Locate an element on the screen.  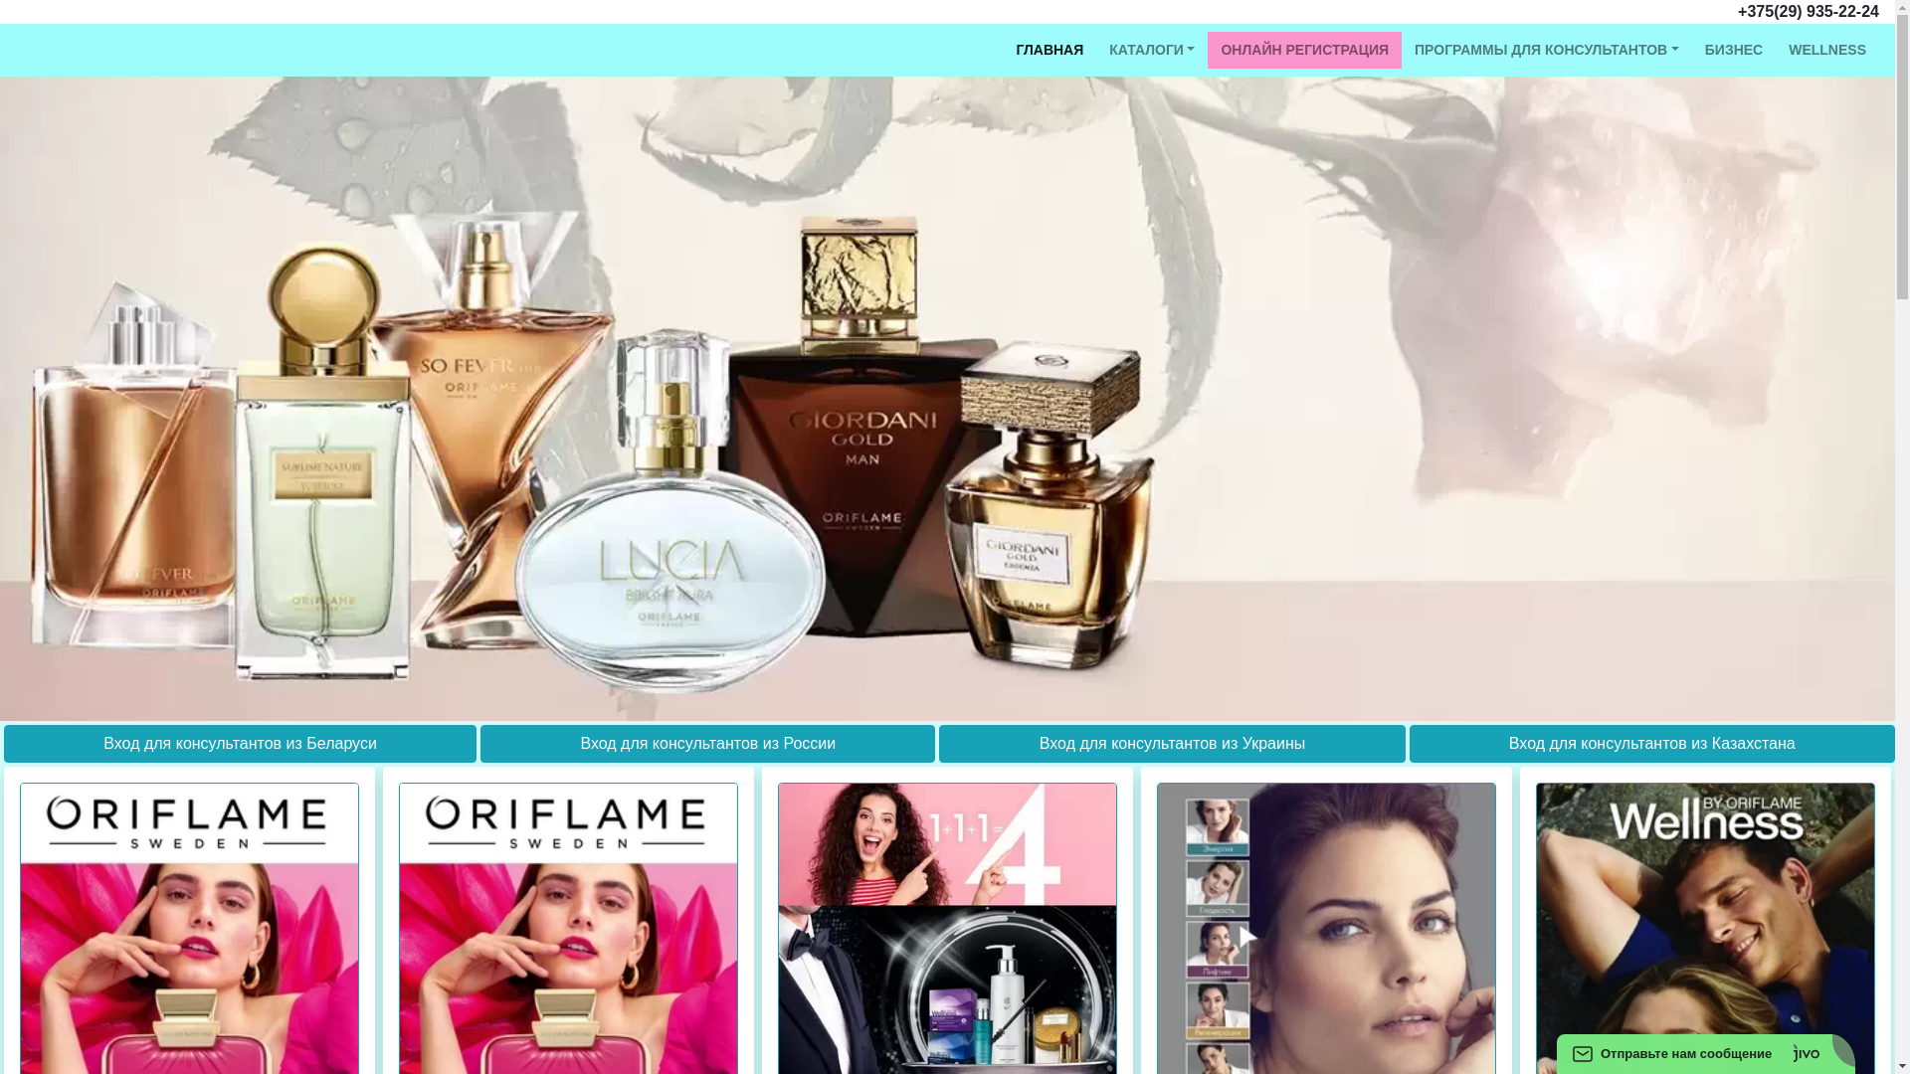
'WELLNESS' is located at coordinates (1827, 49).